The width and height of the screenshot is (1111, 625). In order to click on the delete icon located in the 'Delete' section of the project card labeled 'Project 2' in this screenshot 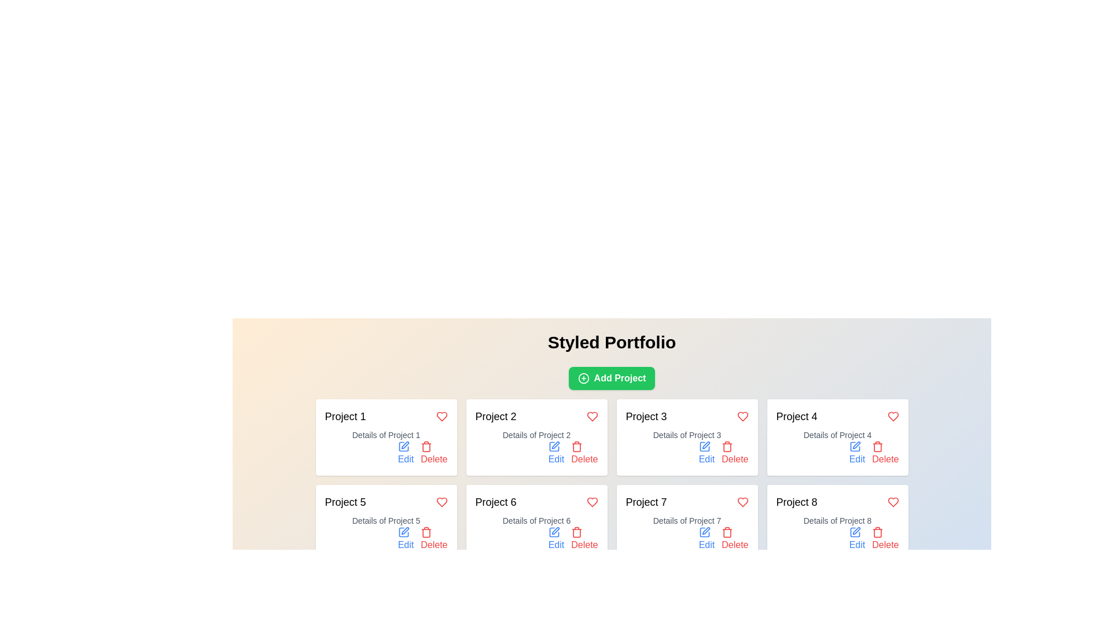, I will do `click(577, 446)`.